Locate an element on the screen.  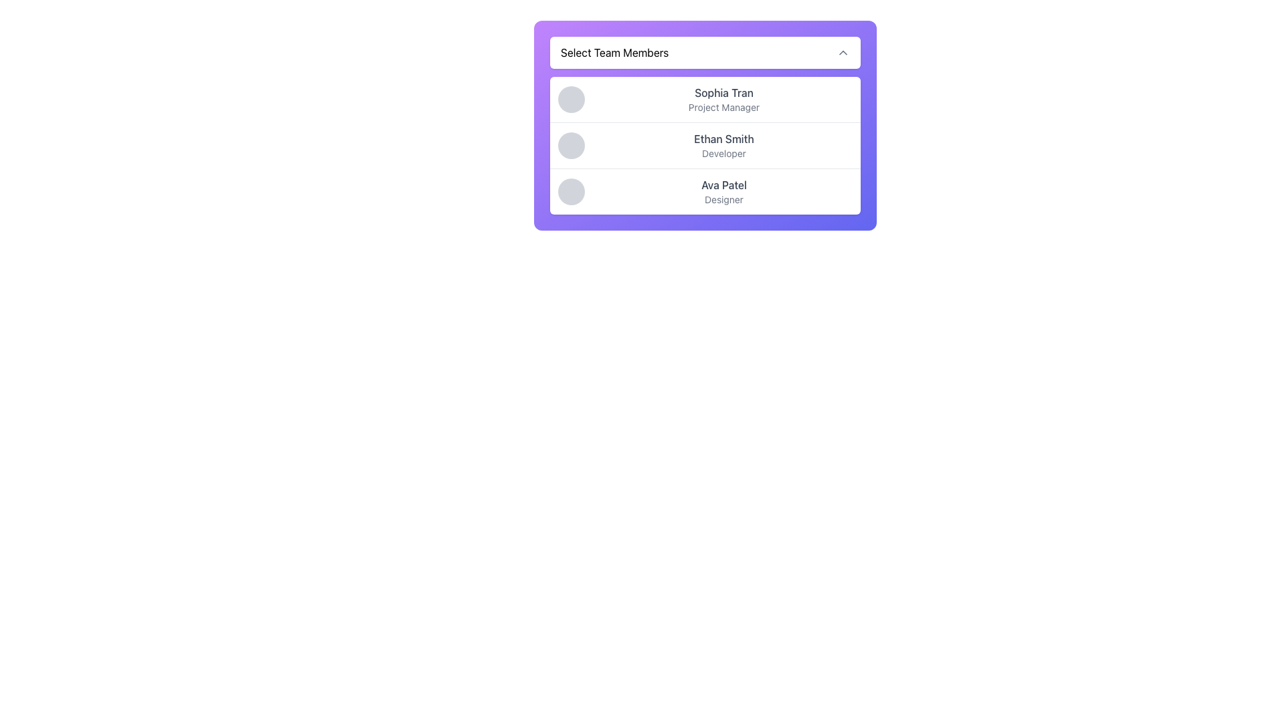
on the second selectable list item displaying 'Ethan Smith - Developer' is located at coordinates (705, 145).